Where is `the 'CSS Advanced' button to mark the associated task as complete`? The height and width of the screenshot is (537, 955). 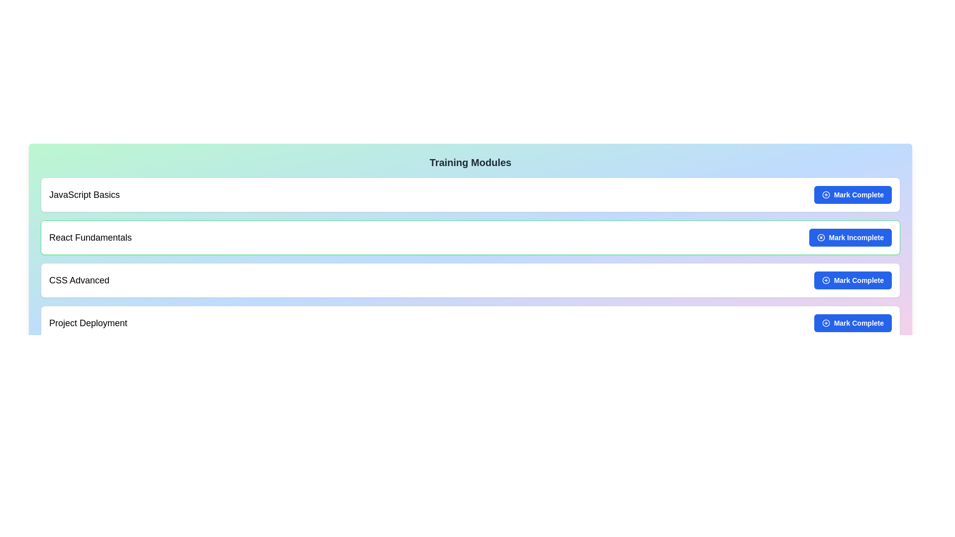 the 'CSS Advanced' button to mark the associated task as complete is located at coordinates (852, 280).